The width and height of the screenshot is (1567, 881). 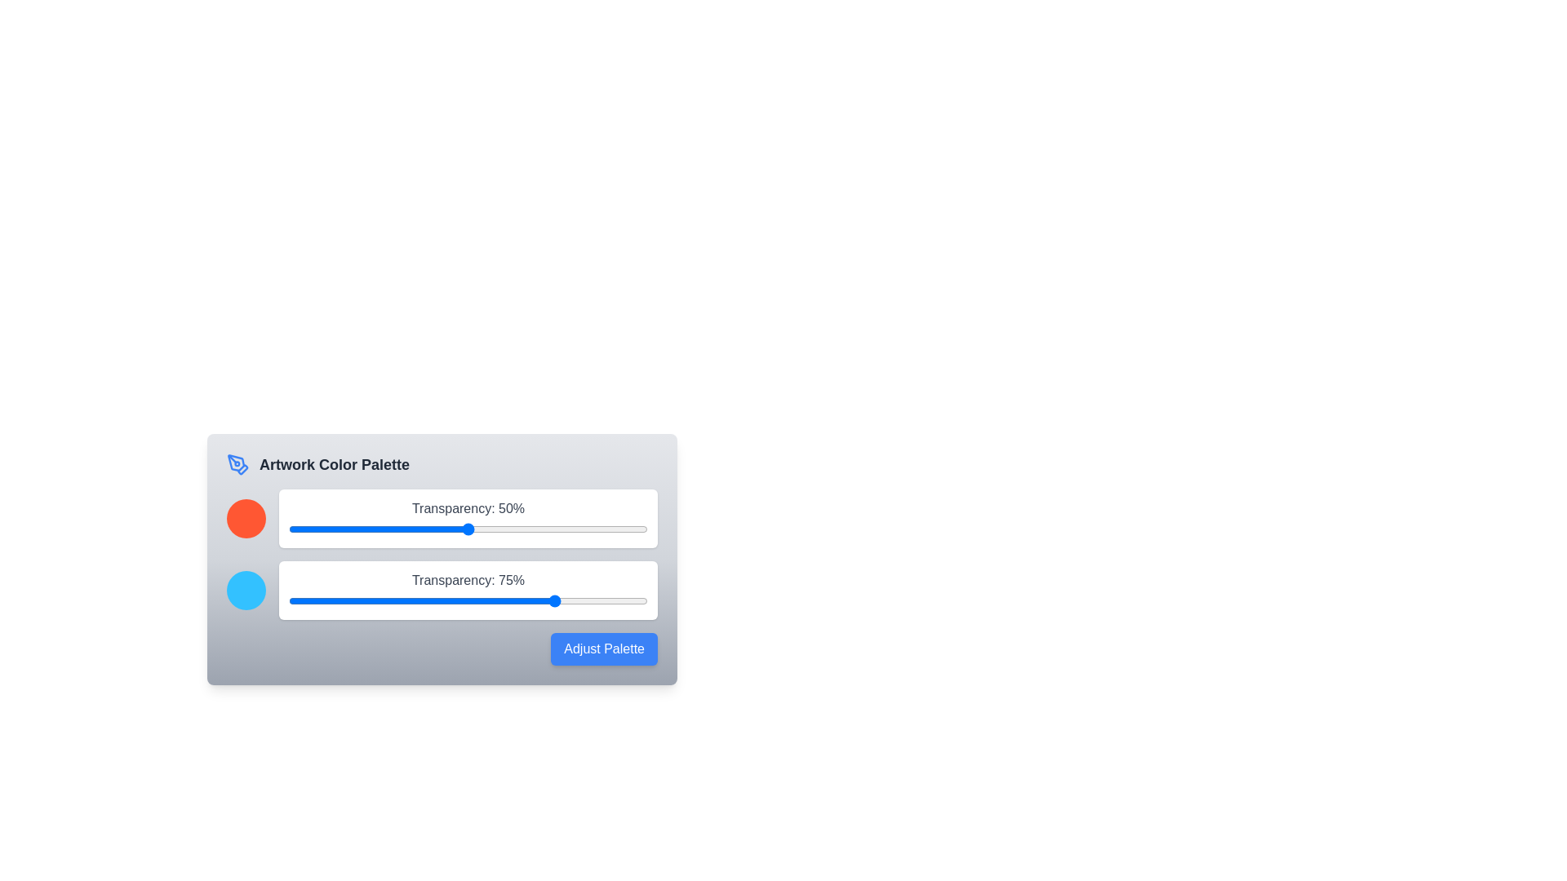 What do you see at coordinates (602, 648) in the screenshot?
I see `the 'Adjust Palette' button to view the displayed color palette` at bounding box center [602, 648].